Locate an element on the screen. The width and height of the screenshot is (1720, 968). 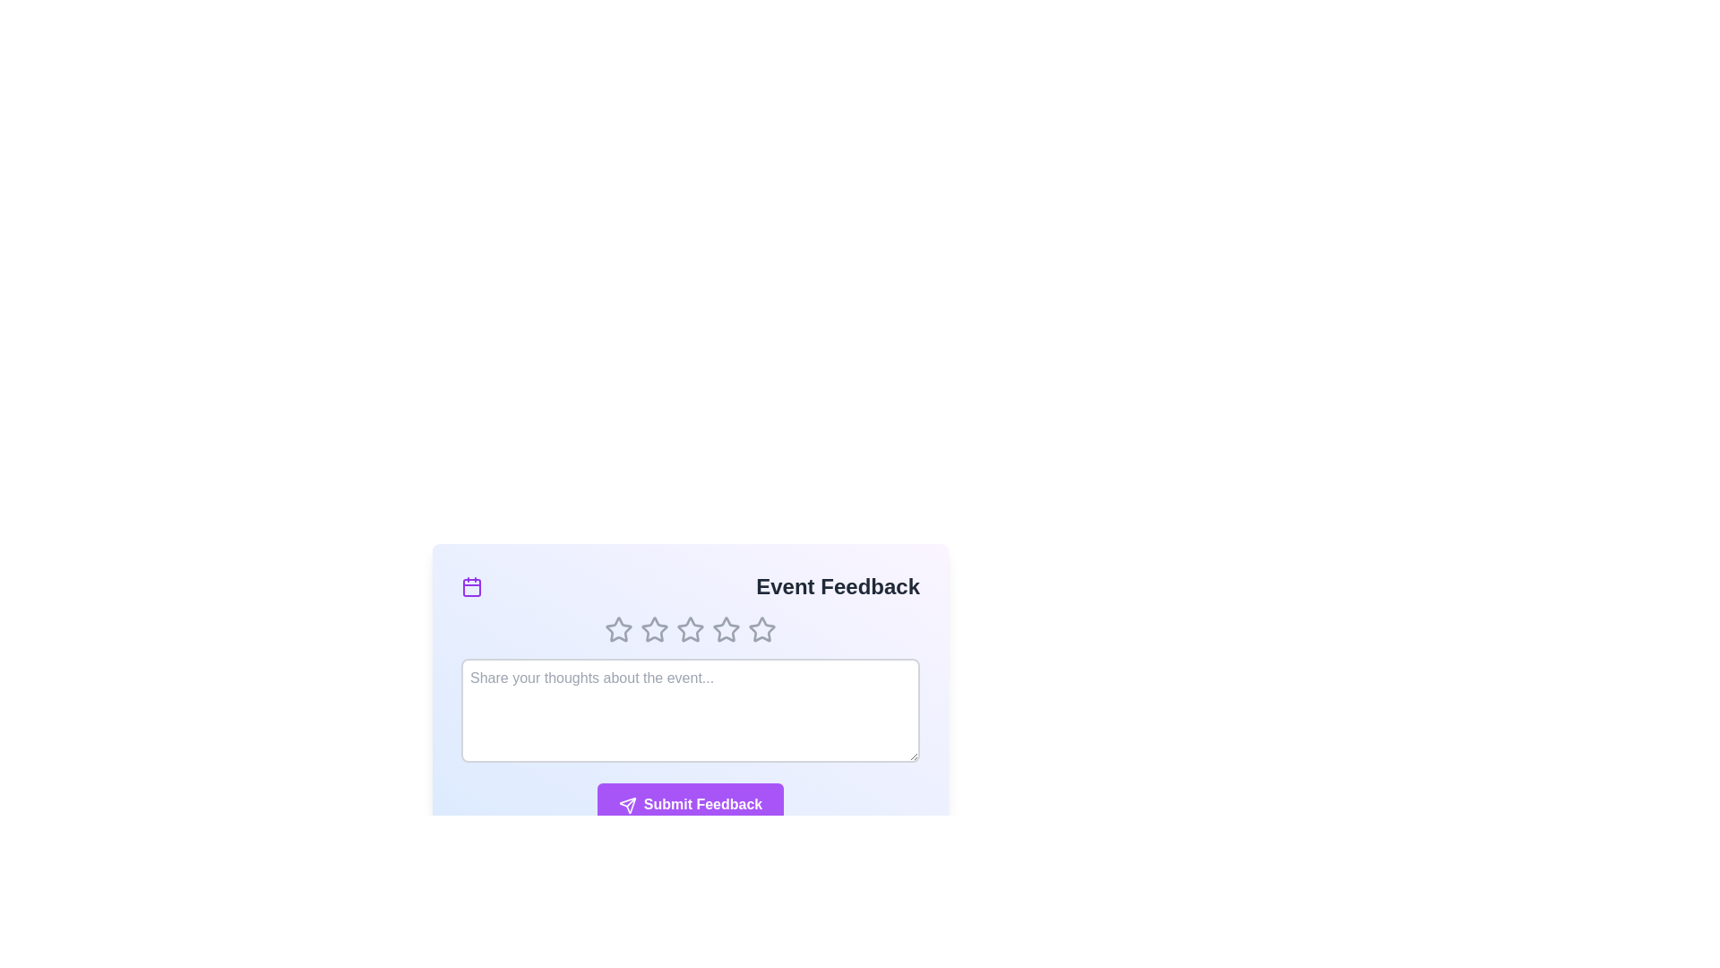
the first star icon in the star rating section is located at coordinates (619, 628).